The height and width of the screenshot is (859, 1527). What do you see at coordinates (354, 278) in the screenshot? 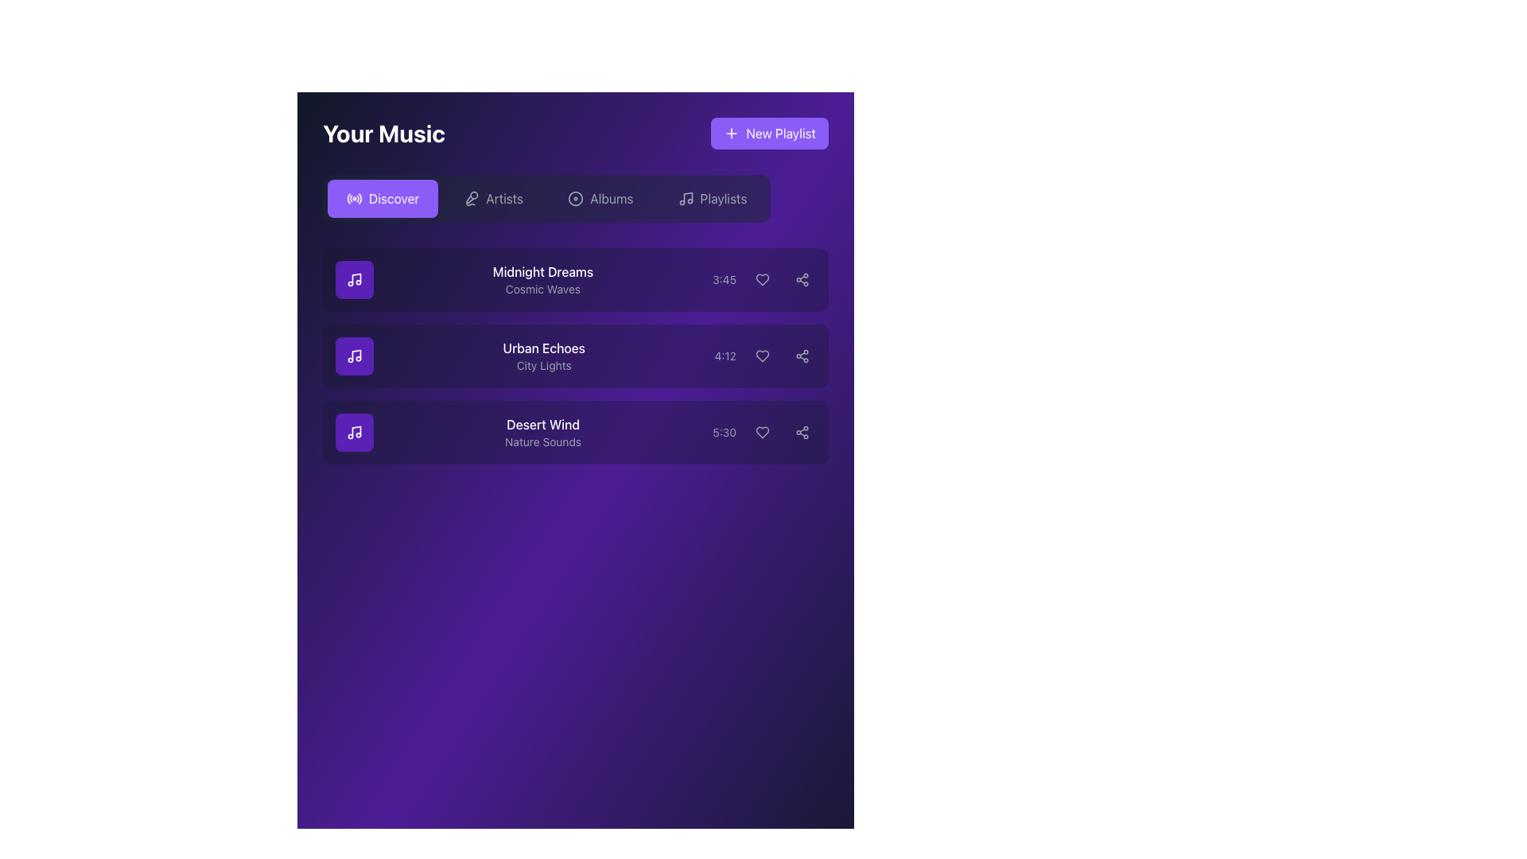
I see `the small music icon styled with a musical note symbol located in the first music card next to the text 'Midnight Dreams' and 'Cosmic Waves'` at bounding box center [354, 278].